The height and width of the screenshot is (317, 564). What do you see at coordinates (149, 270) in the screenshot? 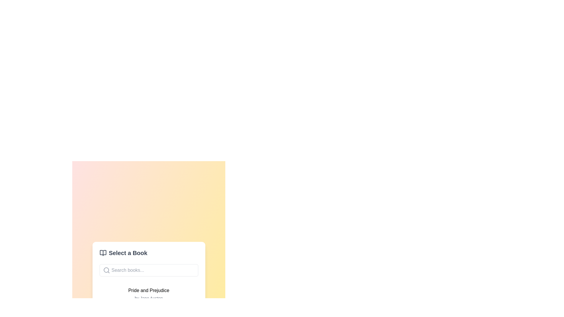
I see `to focus the search input box located below the 'Select a Book' title, which allows users to type in search queries for books` at bounding box center [149, 270].